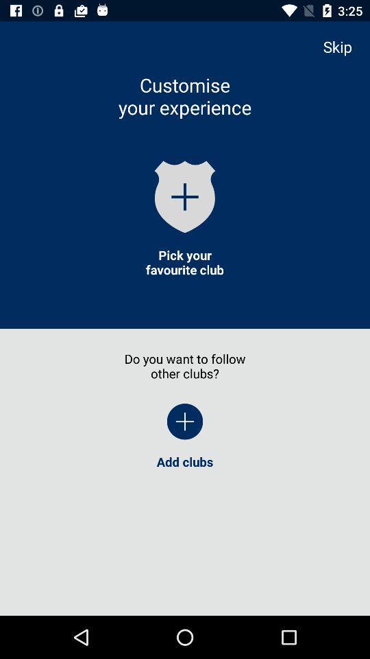 The width and height of the screenshot is (370, 659). I want to click on item above the add clubs, so click(343, 47).